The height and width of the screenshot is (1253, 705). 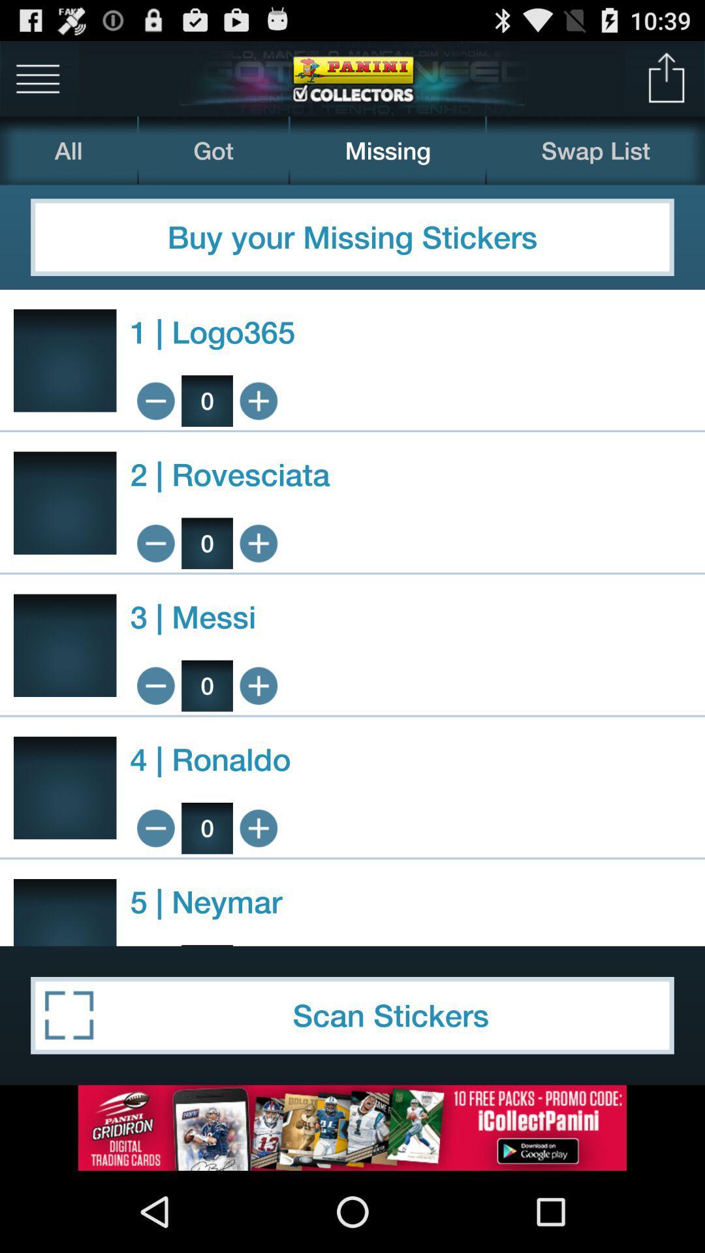 What do you see at coordinates (666, 78) in the screenshot?
I see `share` at bounding box center [666, 78].